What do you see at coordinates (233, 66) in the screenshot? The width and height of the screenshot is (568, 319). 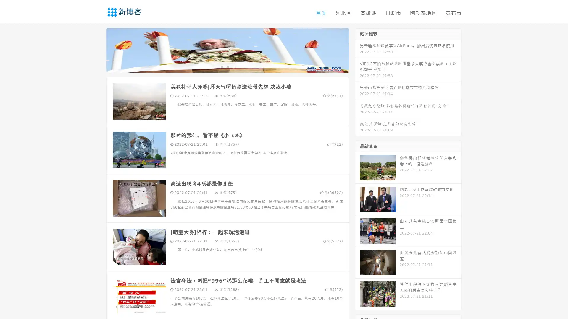 I see `Go to slide 3` at bounding box center [233, 66].